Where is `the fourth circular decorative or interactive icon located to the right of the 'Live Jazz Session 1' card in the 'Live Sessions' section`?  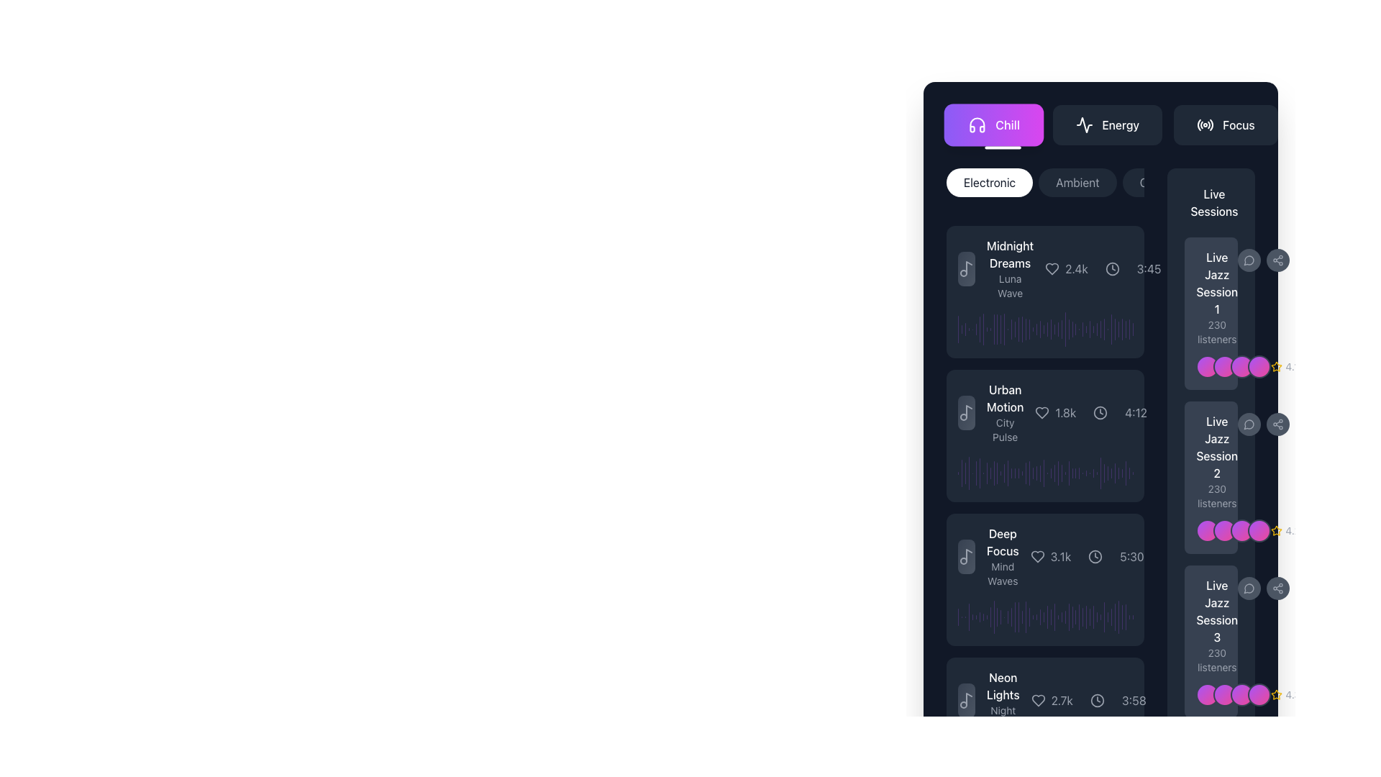 the fourth circular decorative or interactive icon located to the right of the 'Live Jazz Session 1' card in the 'Live Sessions' section is located at coordinates (1259, 365).